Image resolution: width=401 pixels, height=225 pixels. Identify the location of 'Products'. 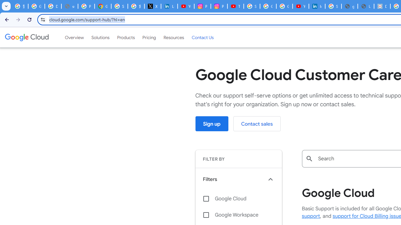
(125, 37).